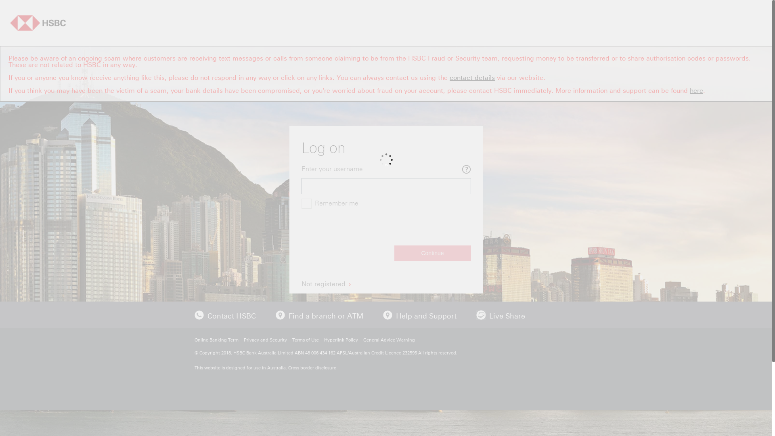 This screenshot has height=436, width=775. I want to click on 'Contact HSBC', so click(231, 314).